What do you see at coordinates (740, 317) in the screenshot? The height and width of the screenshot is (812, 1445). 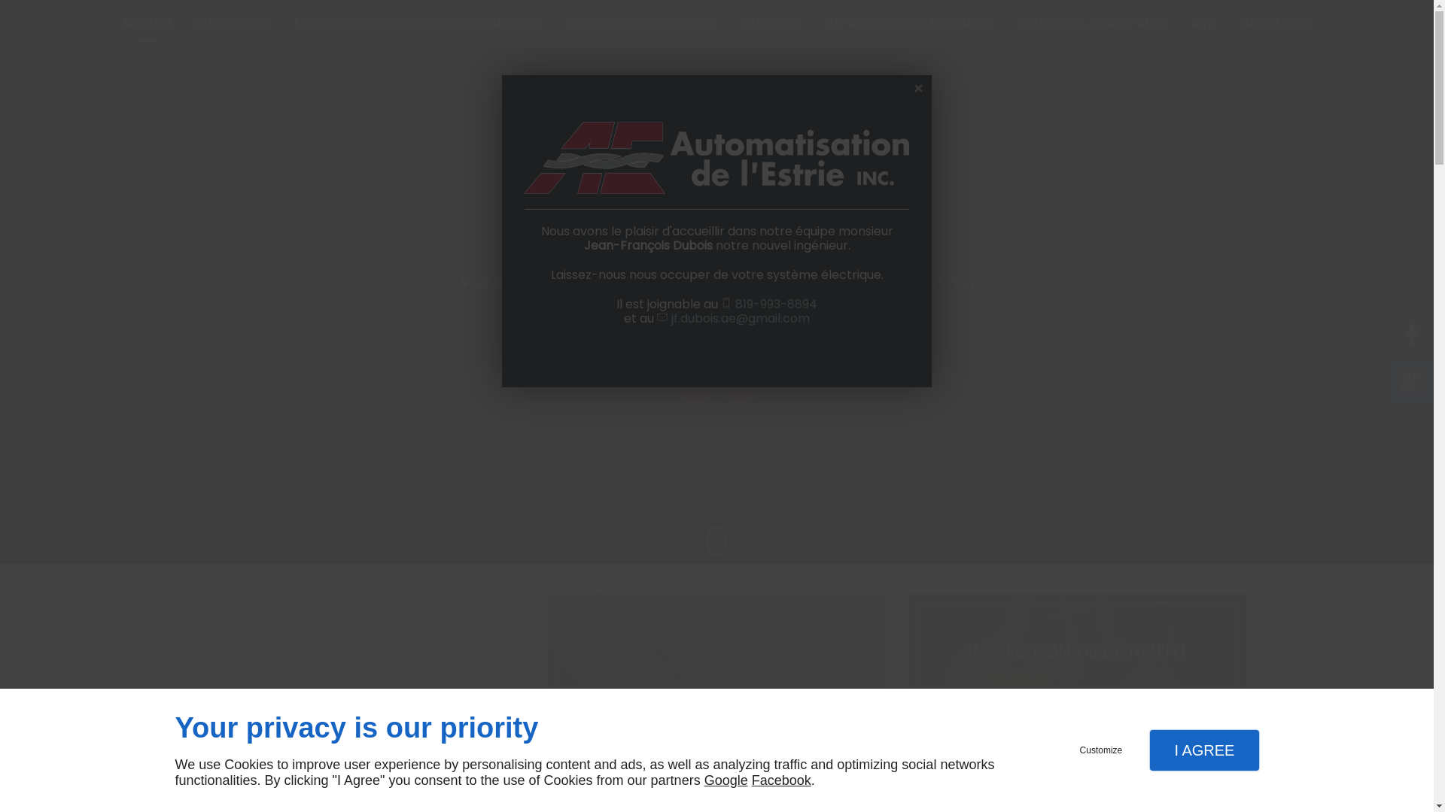 I see `'jf.dubois.ae@gmail.com'` at bounding box center [740, 317].